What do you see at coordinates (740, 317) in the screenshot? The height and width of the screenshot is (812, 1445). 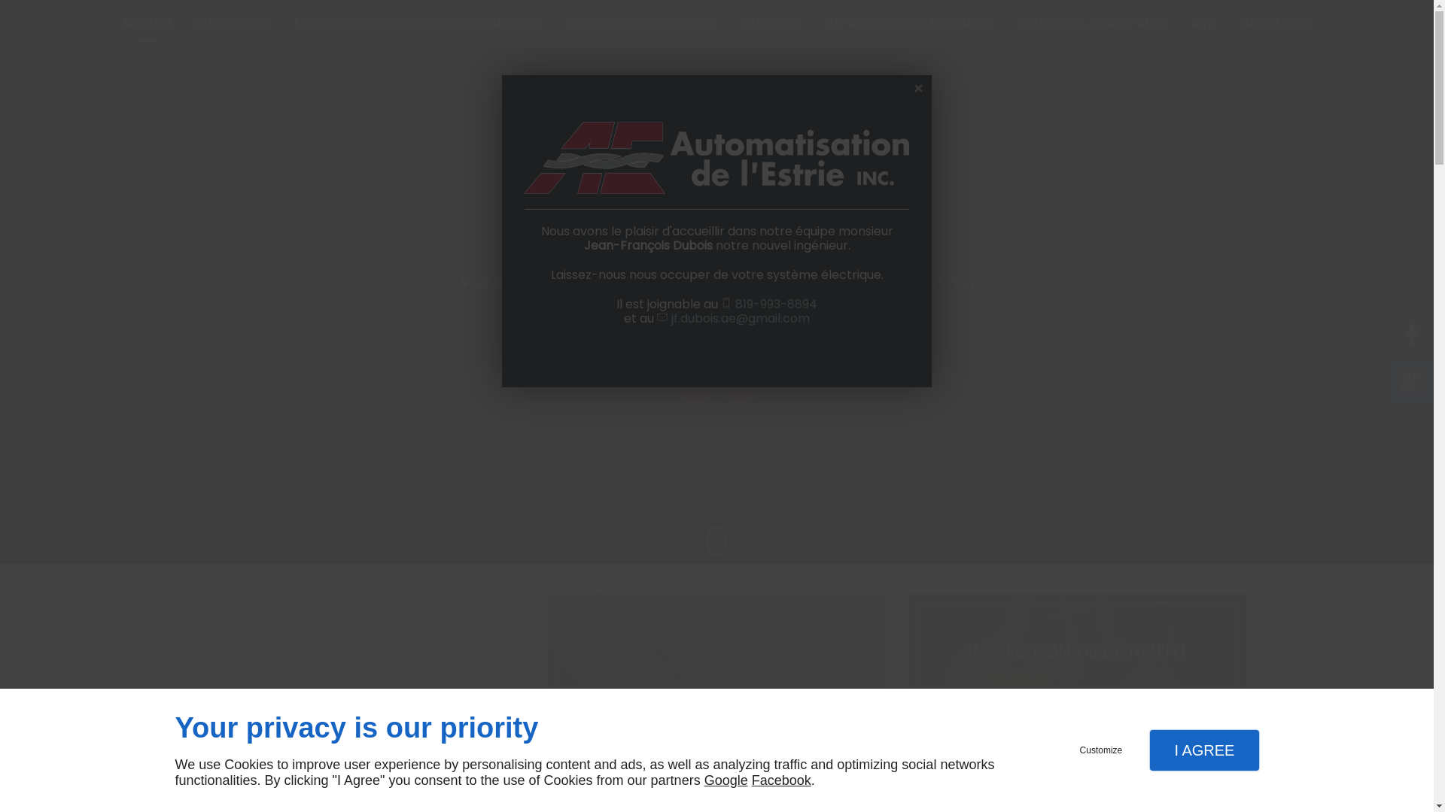 I see `'jf.dubois.ae@gmail.com'` at bounding box center [740, 317].